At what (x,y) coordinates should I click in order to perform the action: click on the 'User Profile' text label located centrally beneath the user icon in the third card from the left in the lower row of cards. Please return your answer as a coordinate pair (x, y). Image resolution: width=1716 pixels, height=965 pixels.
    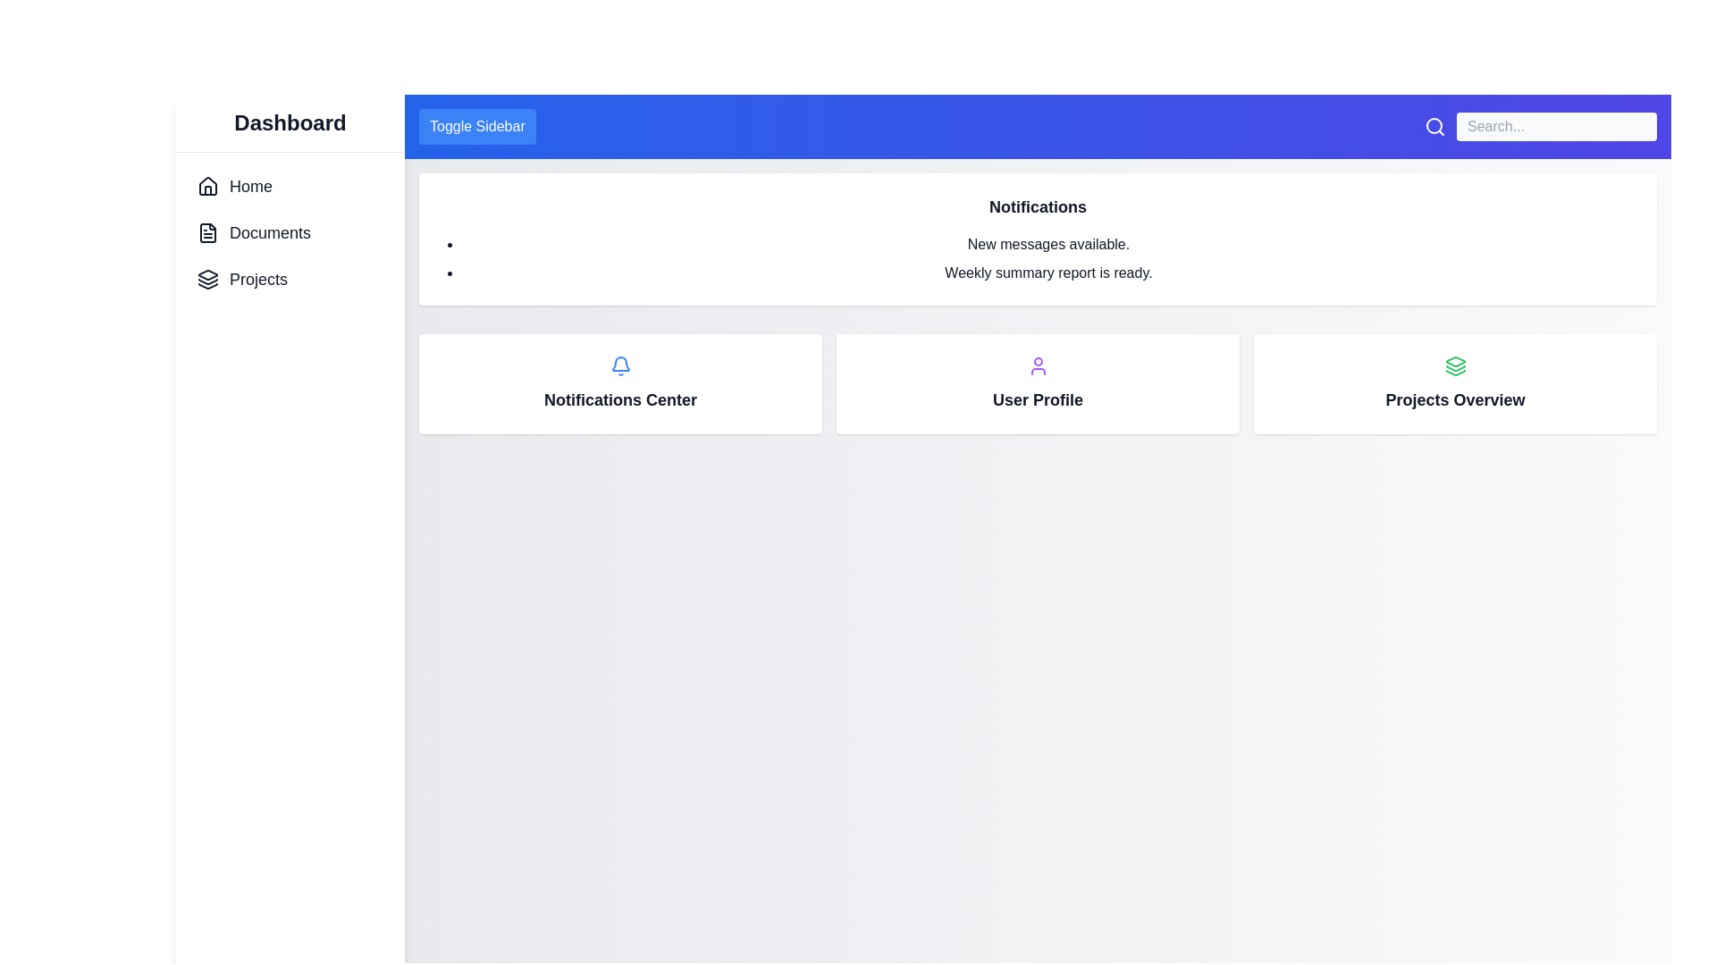
    Looking at the image, I should click on (1038, 399).